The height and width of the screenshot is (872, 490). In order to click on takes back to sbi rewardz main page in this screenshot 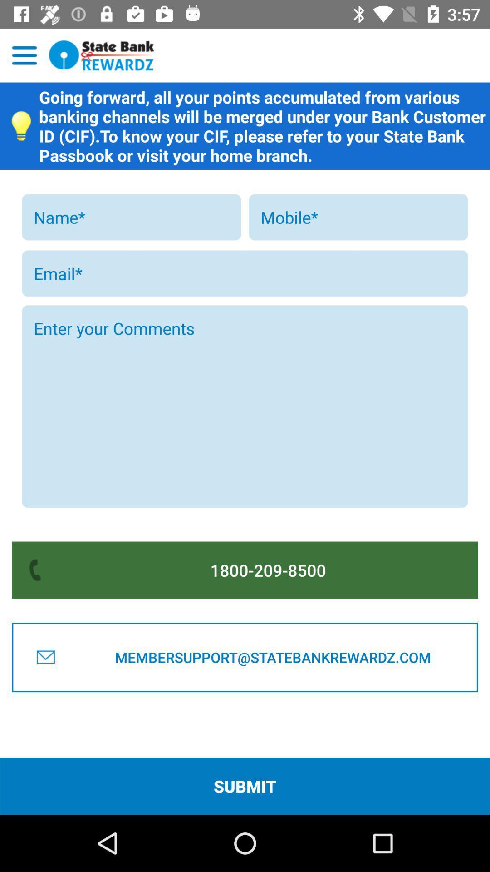, I will do `click(102, 55)`.